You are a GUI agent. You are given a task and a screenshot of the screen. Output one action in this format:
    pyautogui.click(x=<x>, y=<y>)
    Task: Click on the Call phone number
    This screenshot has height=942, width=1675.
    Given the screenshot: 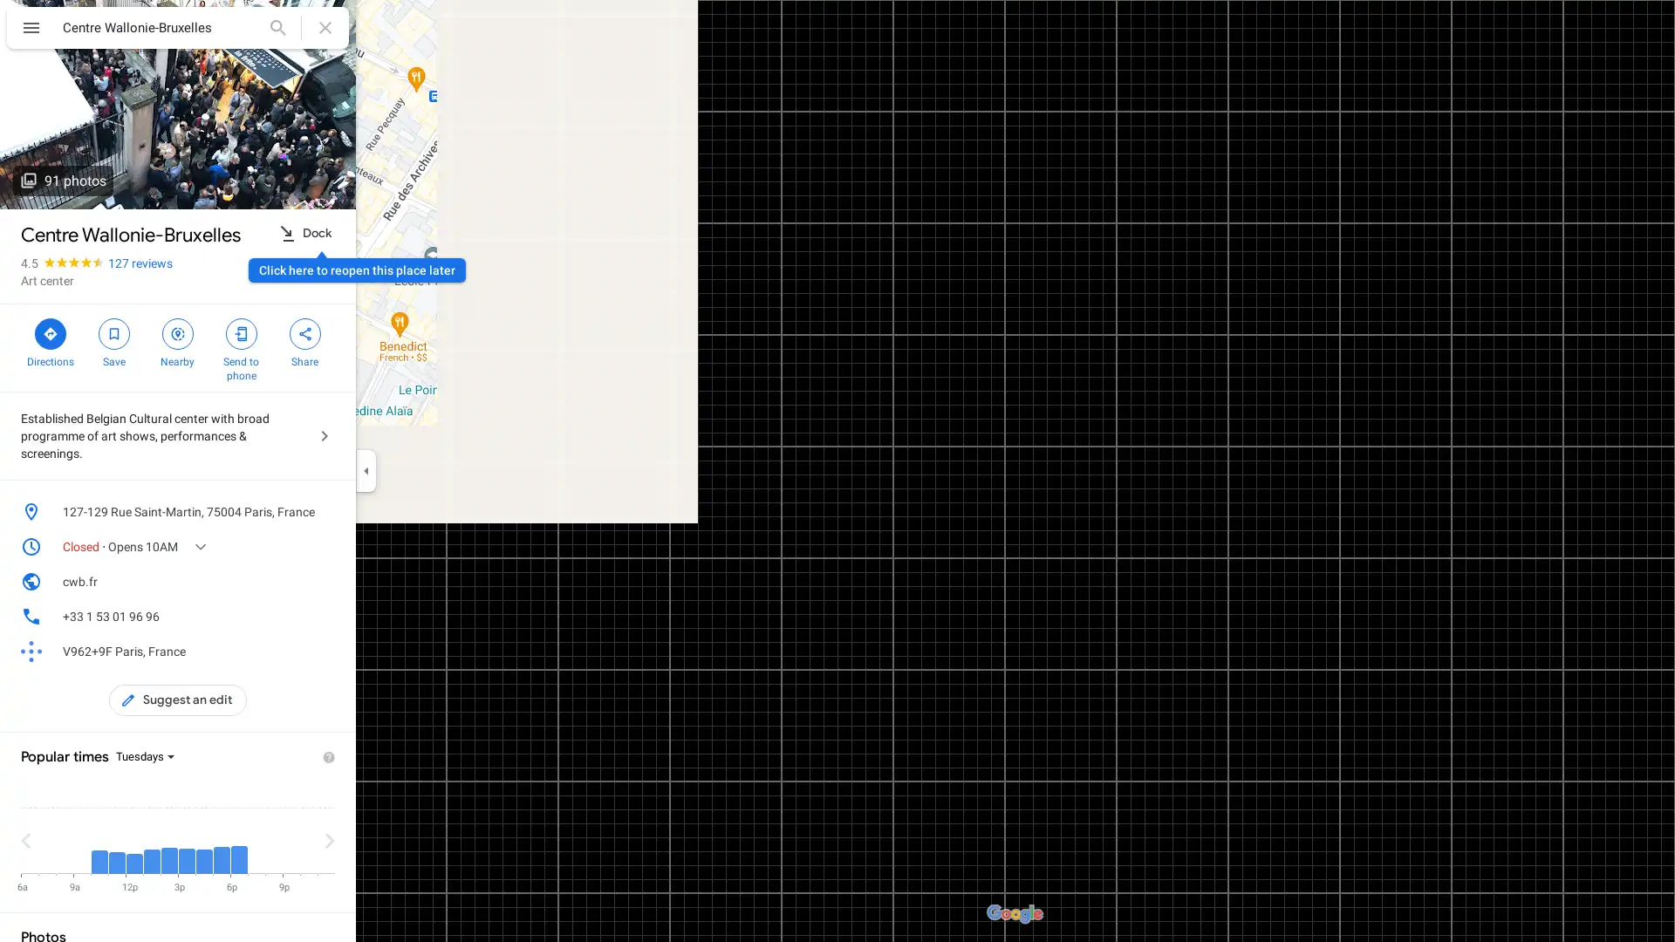 What is the action you would take?
    pyautogui.click(x=326, y=615)
    